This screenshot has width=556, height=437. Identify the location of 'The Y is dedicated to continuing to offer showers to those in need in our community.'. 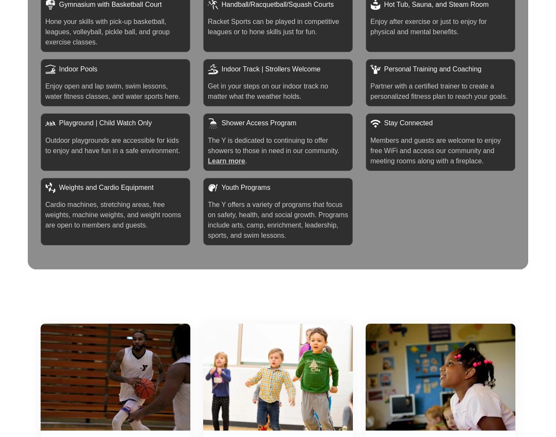
(273, 145).